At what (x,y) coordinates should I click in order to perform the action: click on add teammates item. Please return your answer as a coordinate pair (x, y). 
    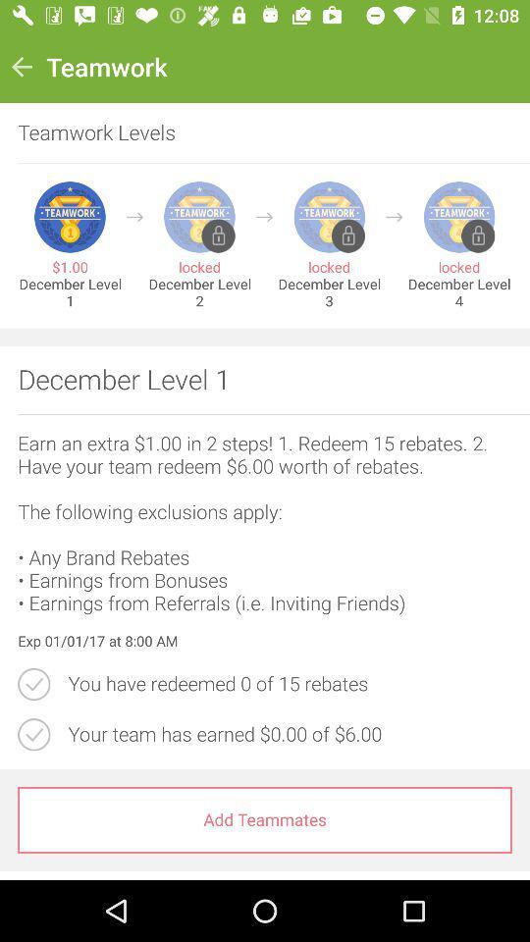
    Looking at the image, I should click on (265, 819).